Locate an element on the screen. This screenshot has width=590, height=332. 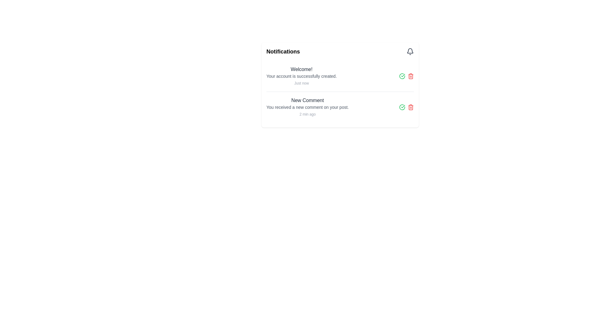
the text label displaying '2 min ago' located at the bottom-right corner of the 'New Comment' notification block is located at coordinates (307, 114).